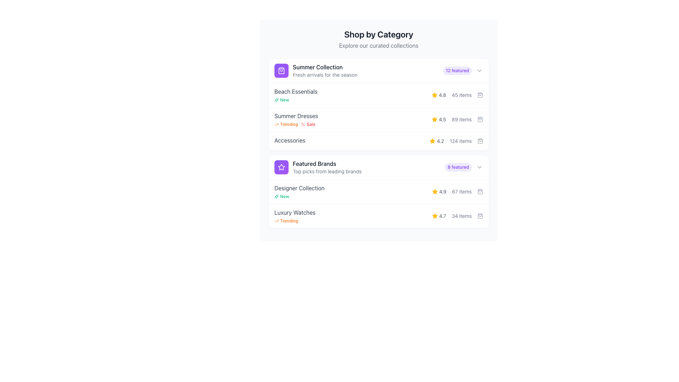 The image size is (679, 382). I want to click on the rating score '4.7' displayed next to the star icon in the 'Luxury Watches' section, so click(442, 215).